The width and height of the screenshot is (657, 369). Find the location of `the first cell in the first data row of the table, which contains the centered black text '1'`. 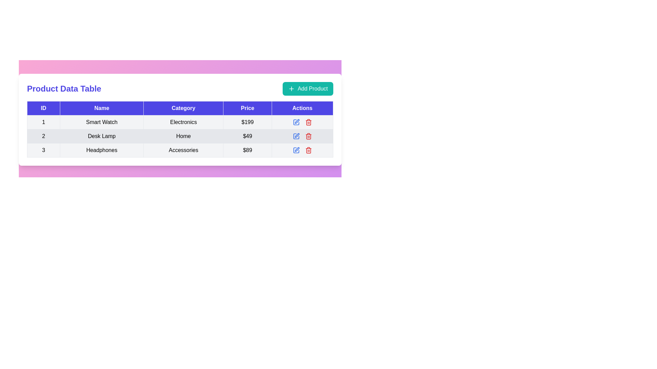

the first cell in the first data row of the table, which contains the centered black text '1' is located at coordinates (43, 122).